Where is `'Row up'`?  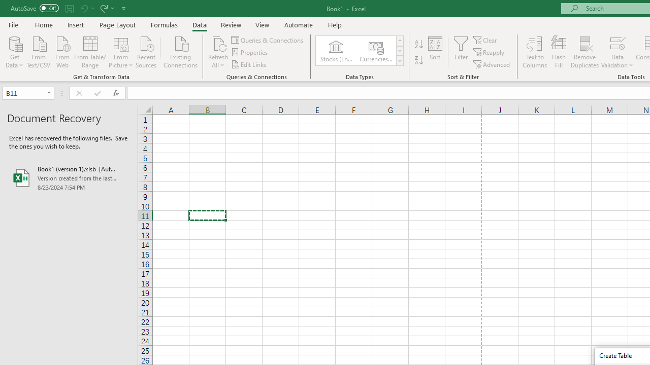
'Row up' is located at coordinates (399, 40).